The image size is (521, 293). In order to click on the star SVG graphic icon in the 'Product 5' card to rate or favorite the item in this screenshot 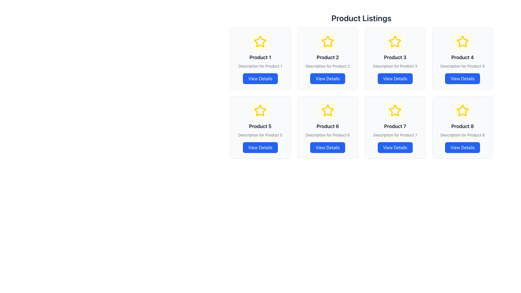, I will do `click(260, 110)`.